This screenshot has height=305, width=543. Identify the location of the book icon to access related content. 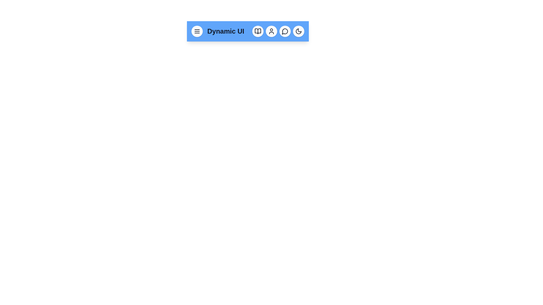
(258, 31).